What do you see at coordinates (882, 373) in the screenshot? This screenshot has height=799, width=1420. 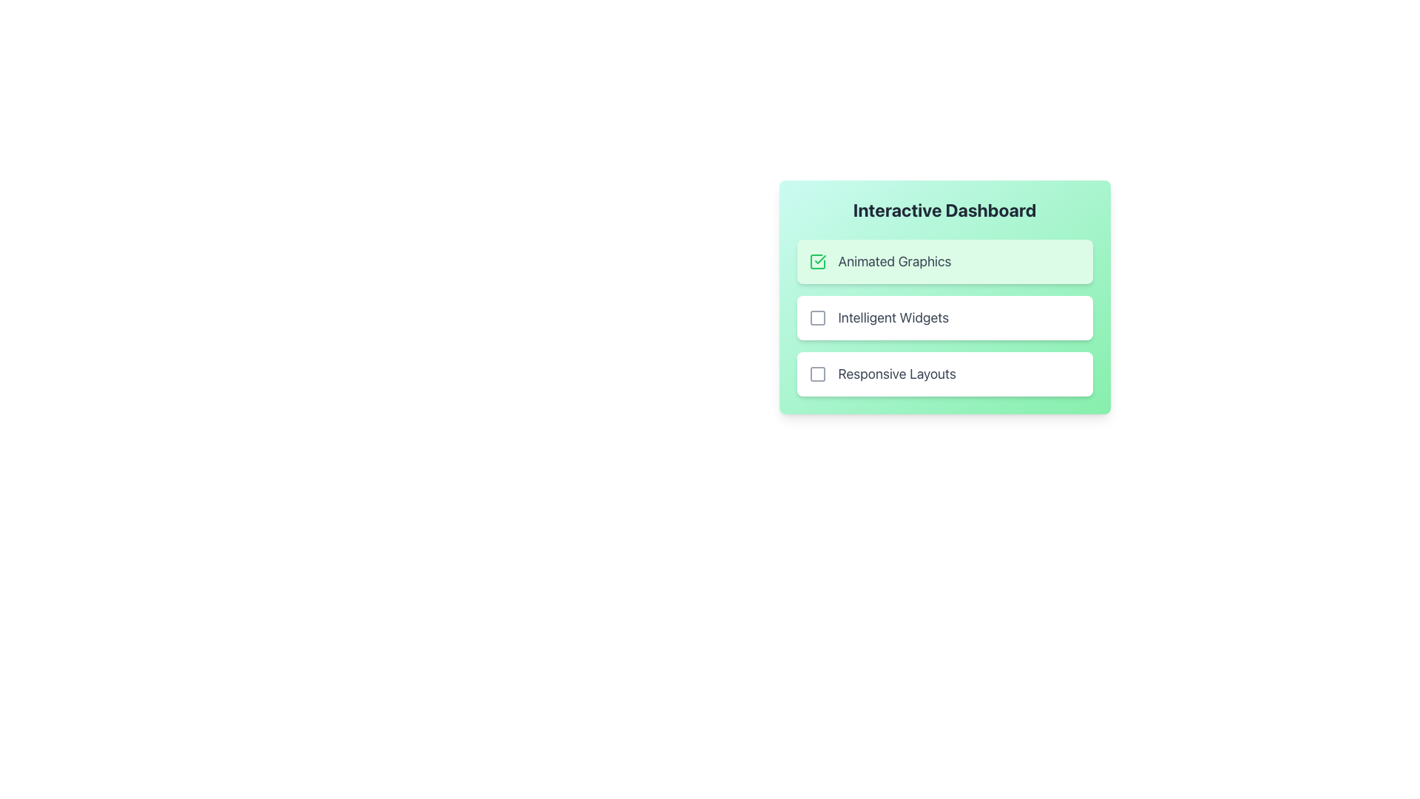 I see `the label of the third checkbox option in the 'Interactive Dashboard' card` at bounding box center [882, 373].